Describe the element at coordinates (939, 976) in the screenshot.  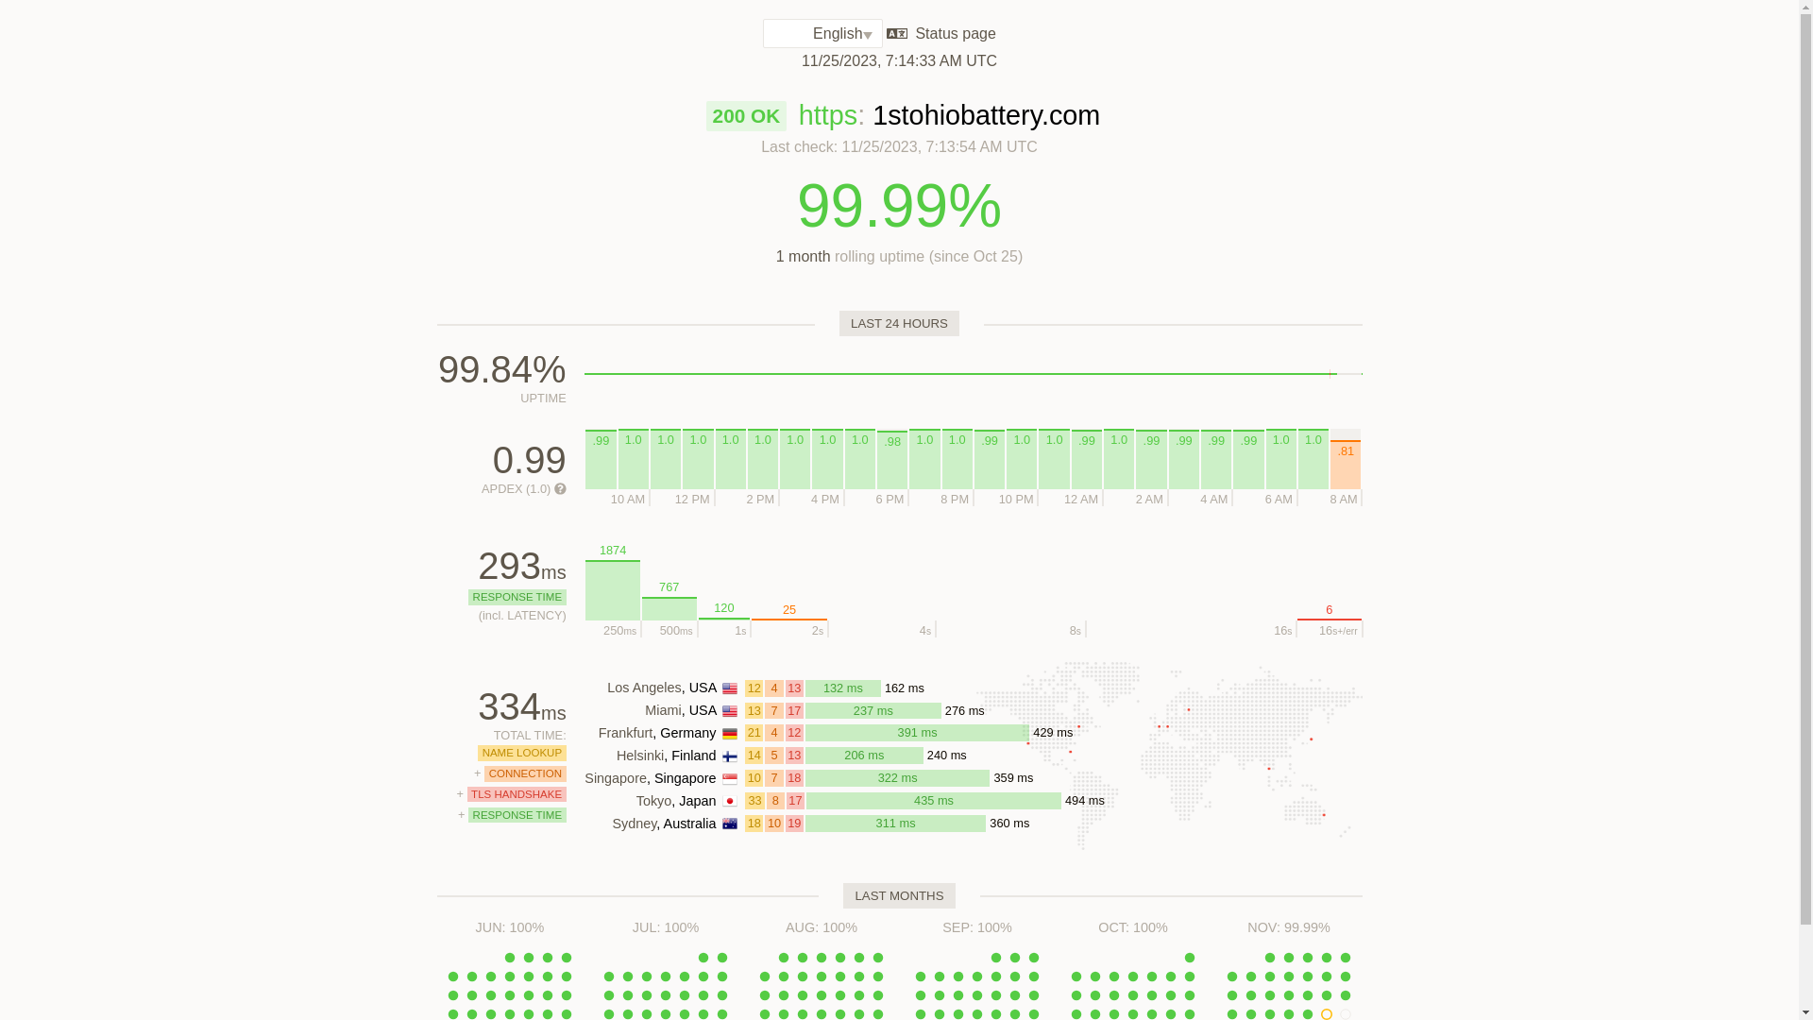
I see `'<small>Sep 05:</small> No downtime'` at that location.